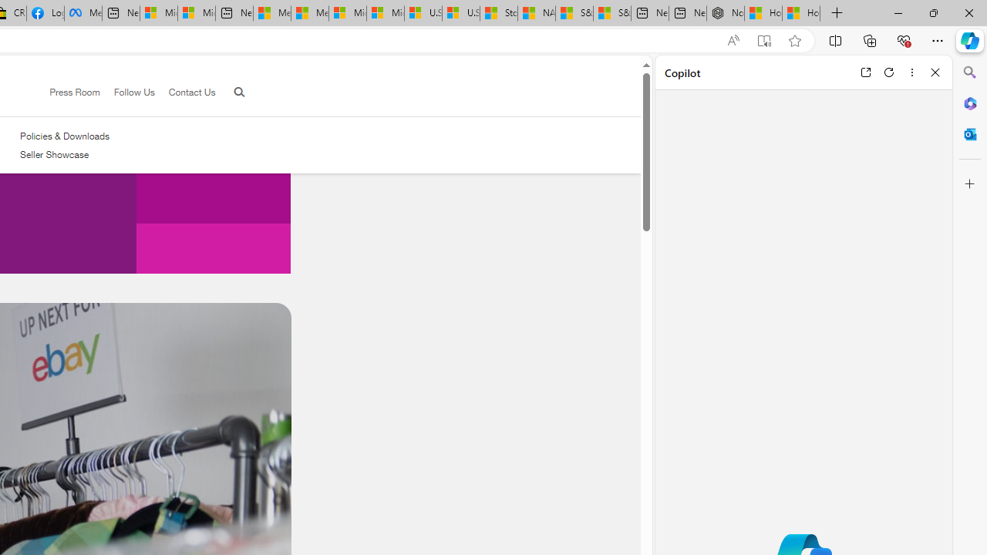 This screenshot has height=555, width=987. Describe the element at coordinates (185, 92) in the screenshot. I see `'Contact Us'` at that location.